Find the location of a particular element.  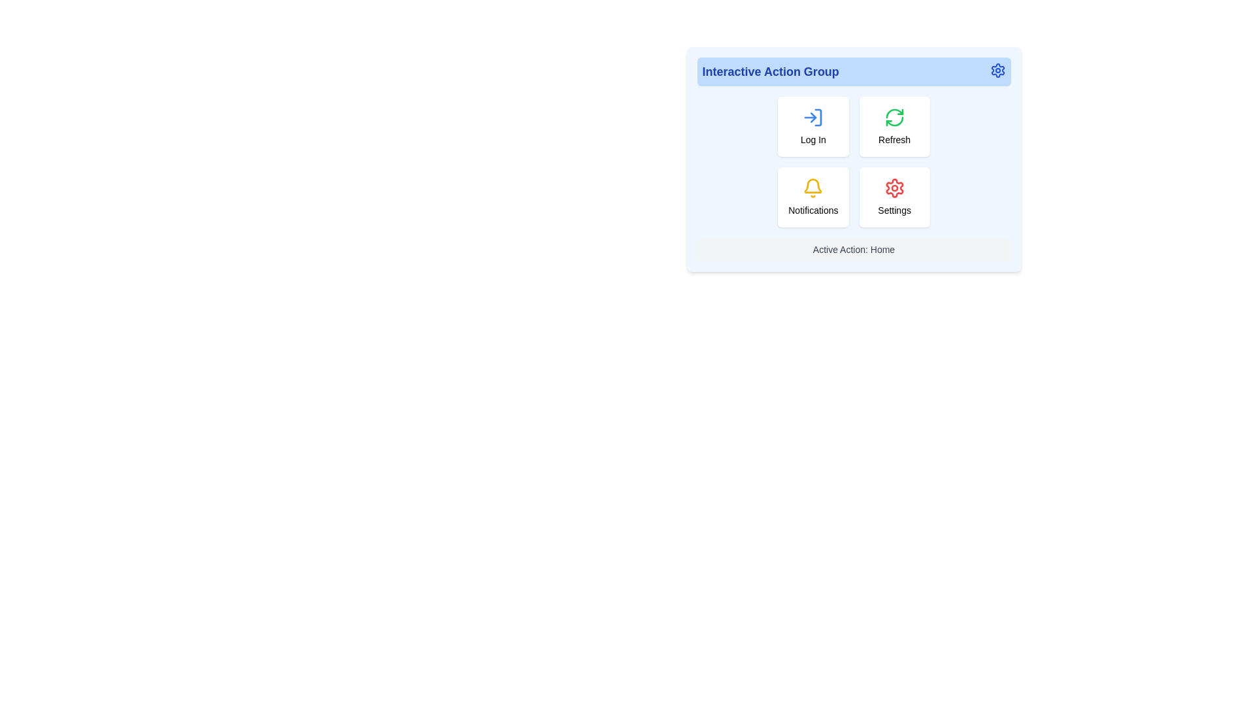

the 'Log In' static label, which is displayed in a standard sans-serif font and located below the log-in icon within the 'Interactive Action Group' panel is located at coordinates (812, 139).